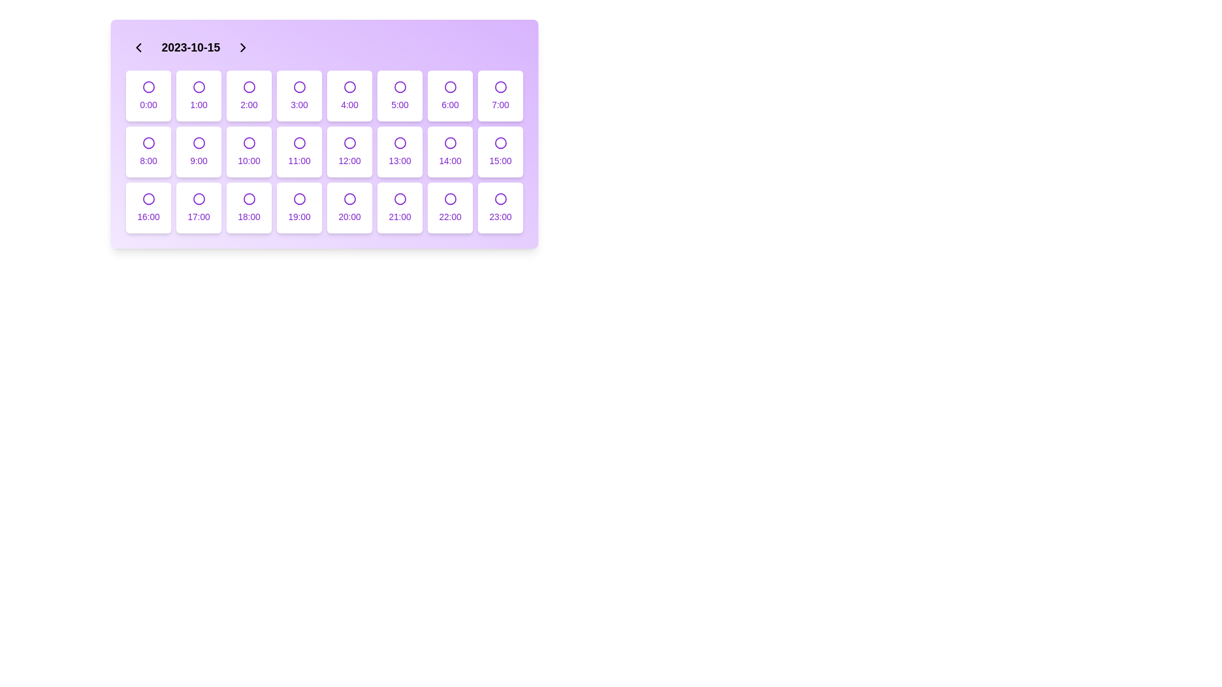  I want to click on the navigation icon located to the left of the displayed date '2023-10-15', so click(138, 46).